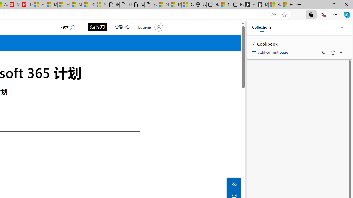 This screenshot has width=353, height=198. I want to click on 'More options menu', so click(341, 53).